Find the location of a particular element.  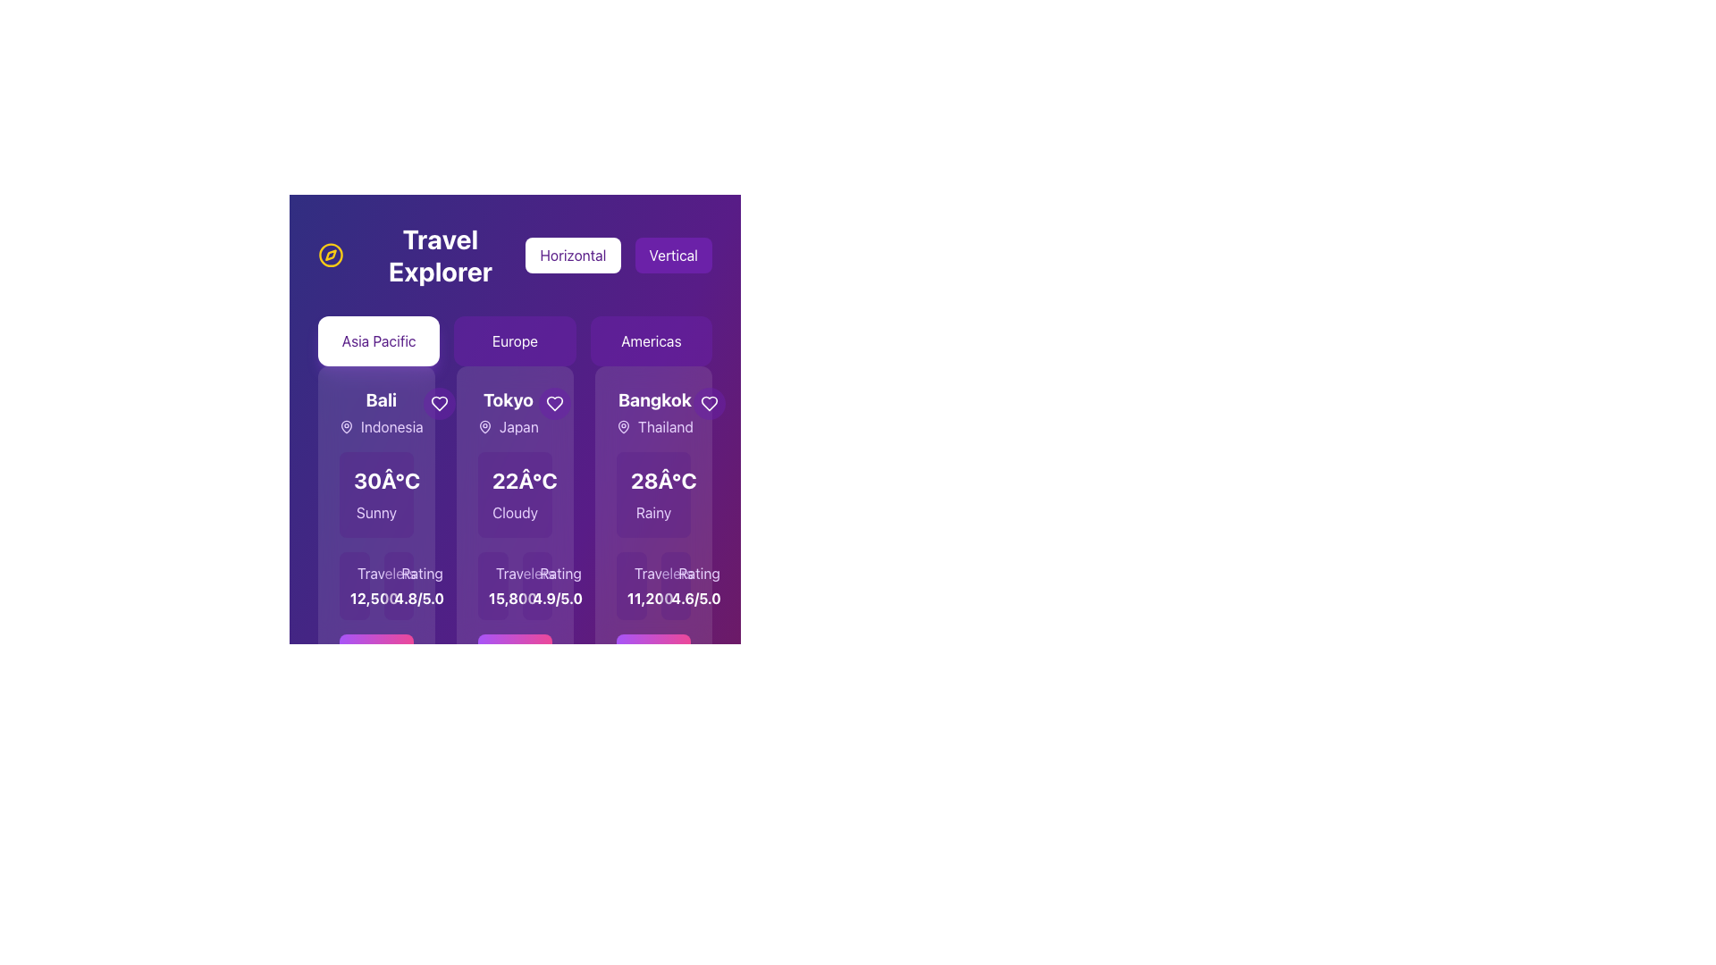

the text label that describes traveler-related information located in the purple card layout under the 'Bali' column of the travel dashboard interface is located at coordinates (385, 573).